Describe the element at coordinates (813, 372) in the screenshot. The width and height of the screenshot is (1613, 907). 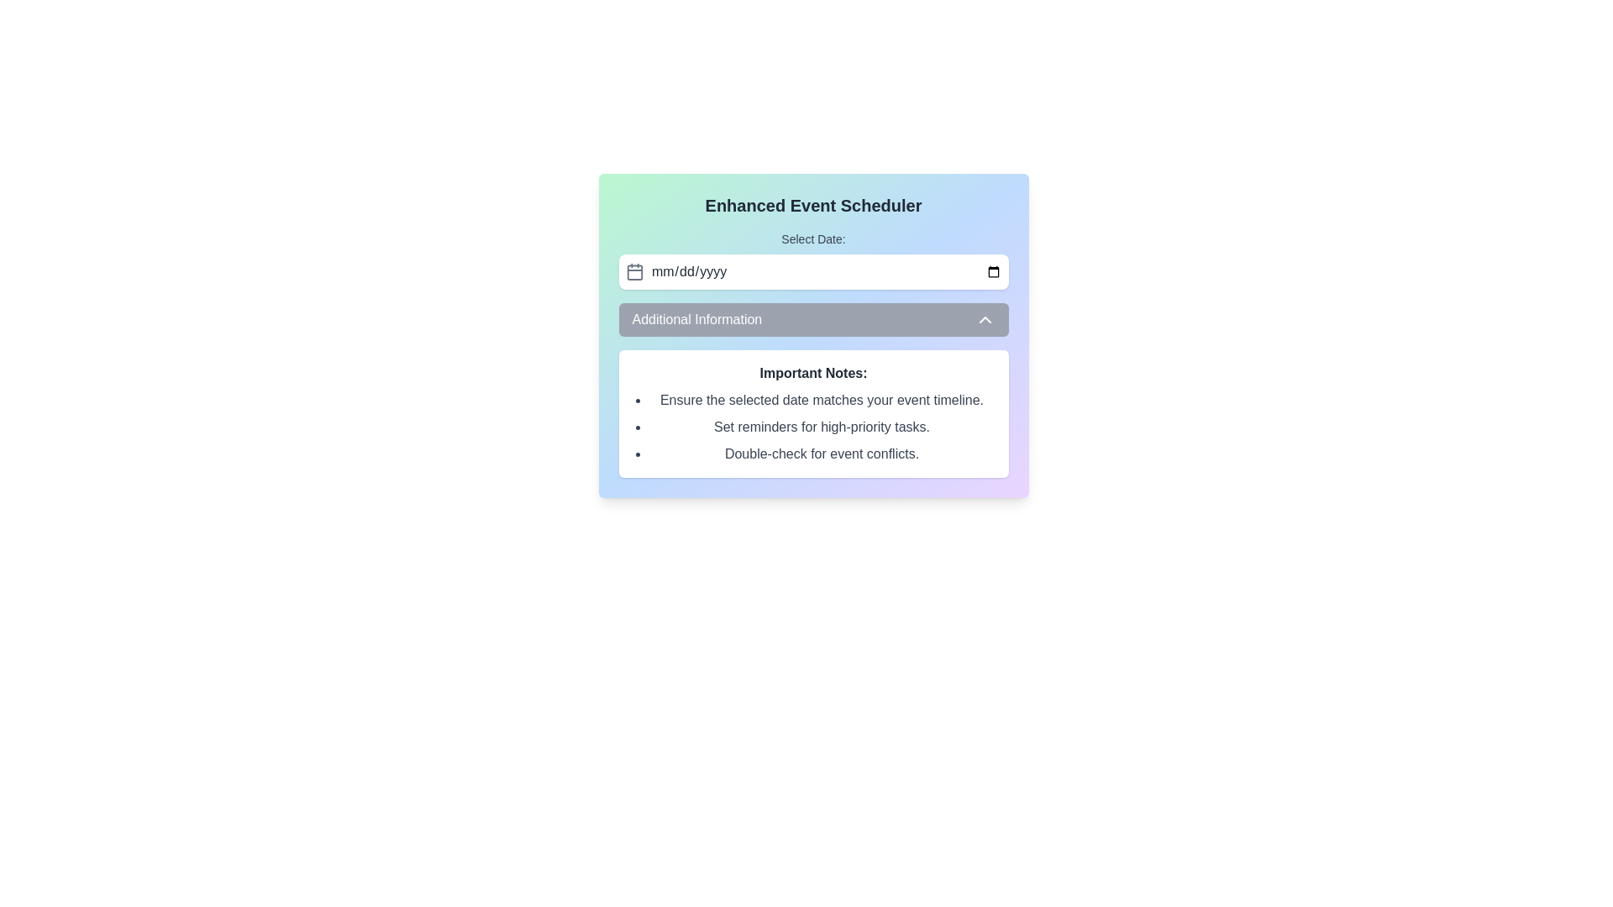
I see `the Static Text element that serves as a header for the list of instructions, positioned between the gray 'Additional Information' bar and the bulleted list` at that location.